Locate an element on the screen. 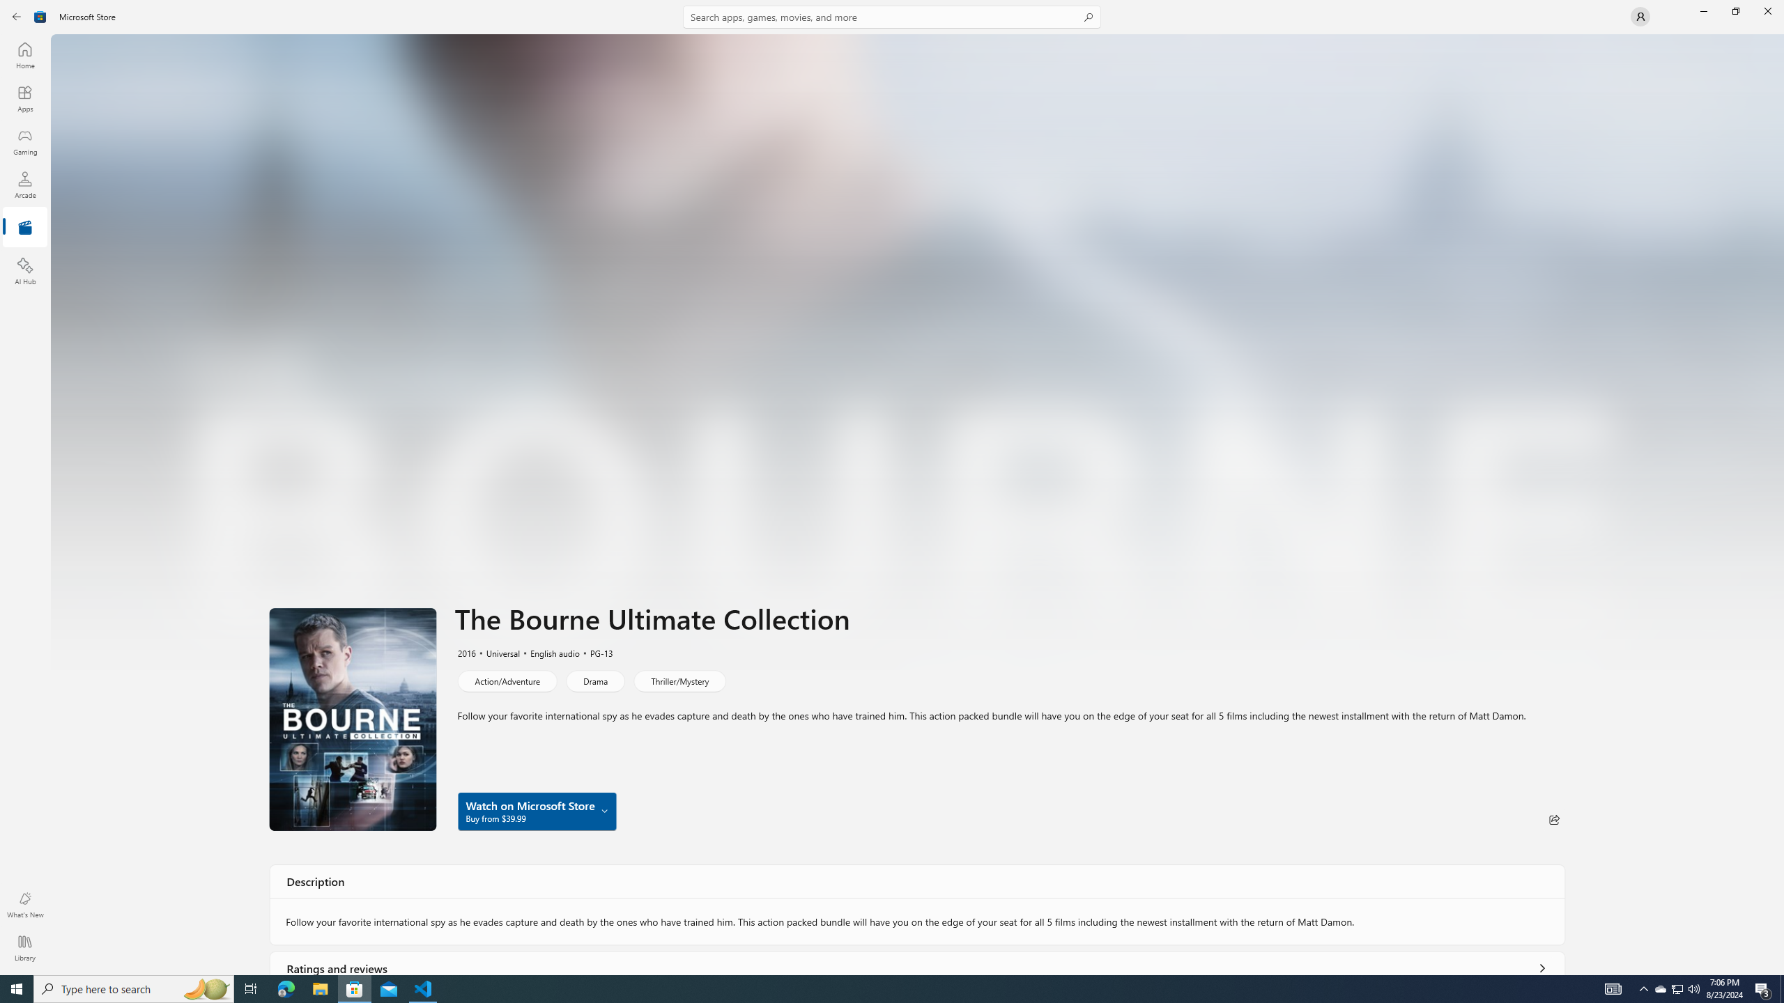 The width and height of the screenshot is (1784, 1003). 'AI Hub' is located at coordinates (24, 270).